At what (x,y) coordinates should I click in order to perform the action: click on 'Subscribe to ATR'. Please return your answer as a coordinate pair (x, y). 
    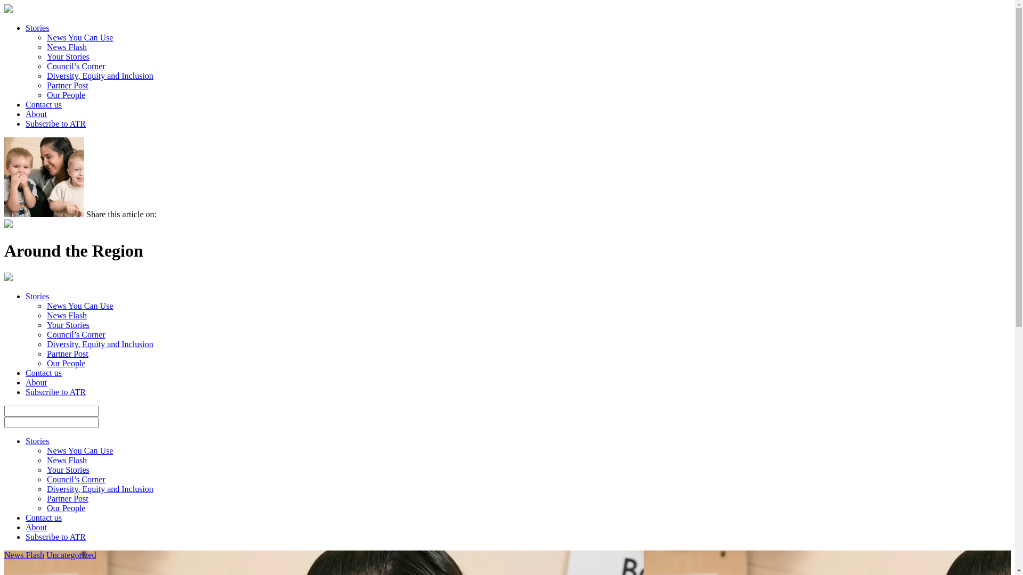
    Looking at the image, I should click on (55, 537).